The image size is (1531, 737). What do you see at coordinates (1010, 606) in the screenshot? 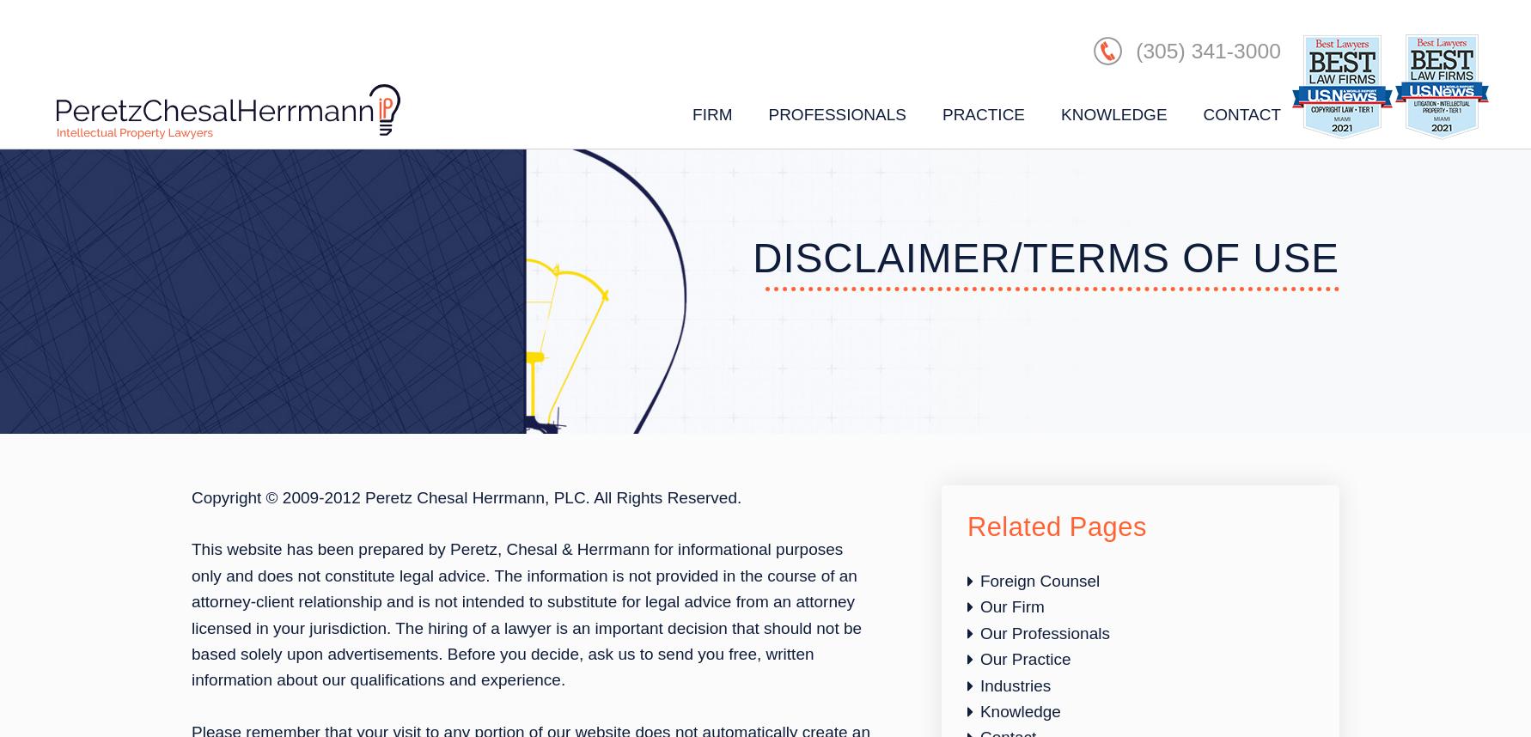
I see `'Our Firm'` at bounding box center [1010, 606].